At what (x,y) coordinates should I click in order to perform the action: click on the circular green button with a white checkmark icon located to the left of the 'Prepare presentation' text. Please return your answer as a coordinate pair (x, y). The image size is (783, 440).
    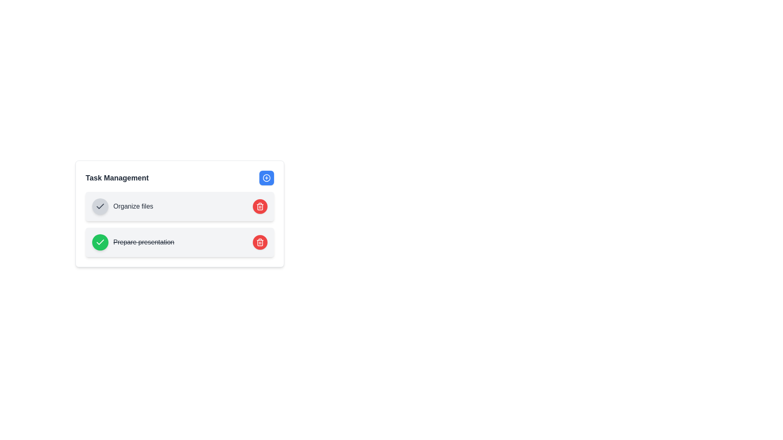
    Looking at the image, I should click on (100, 242).